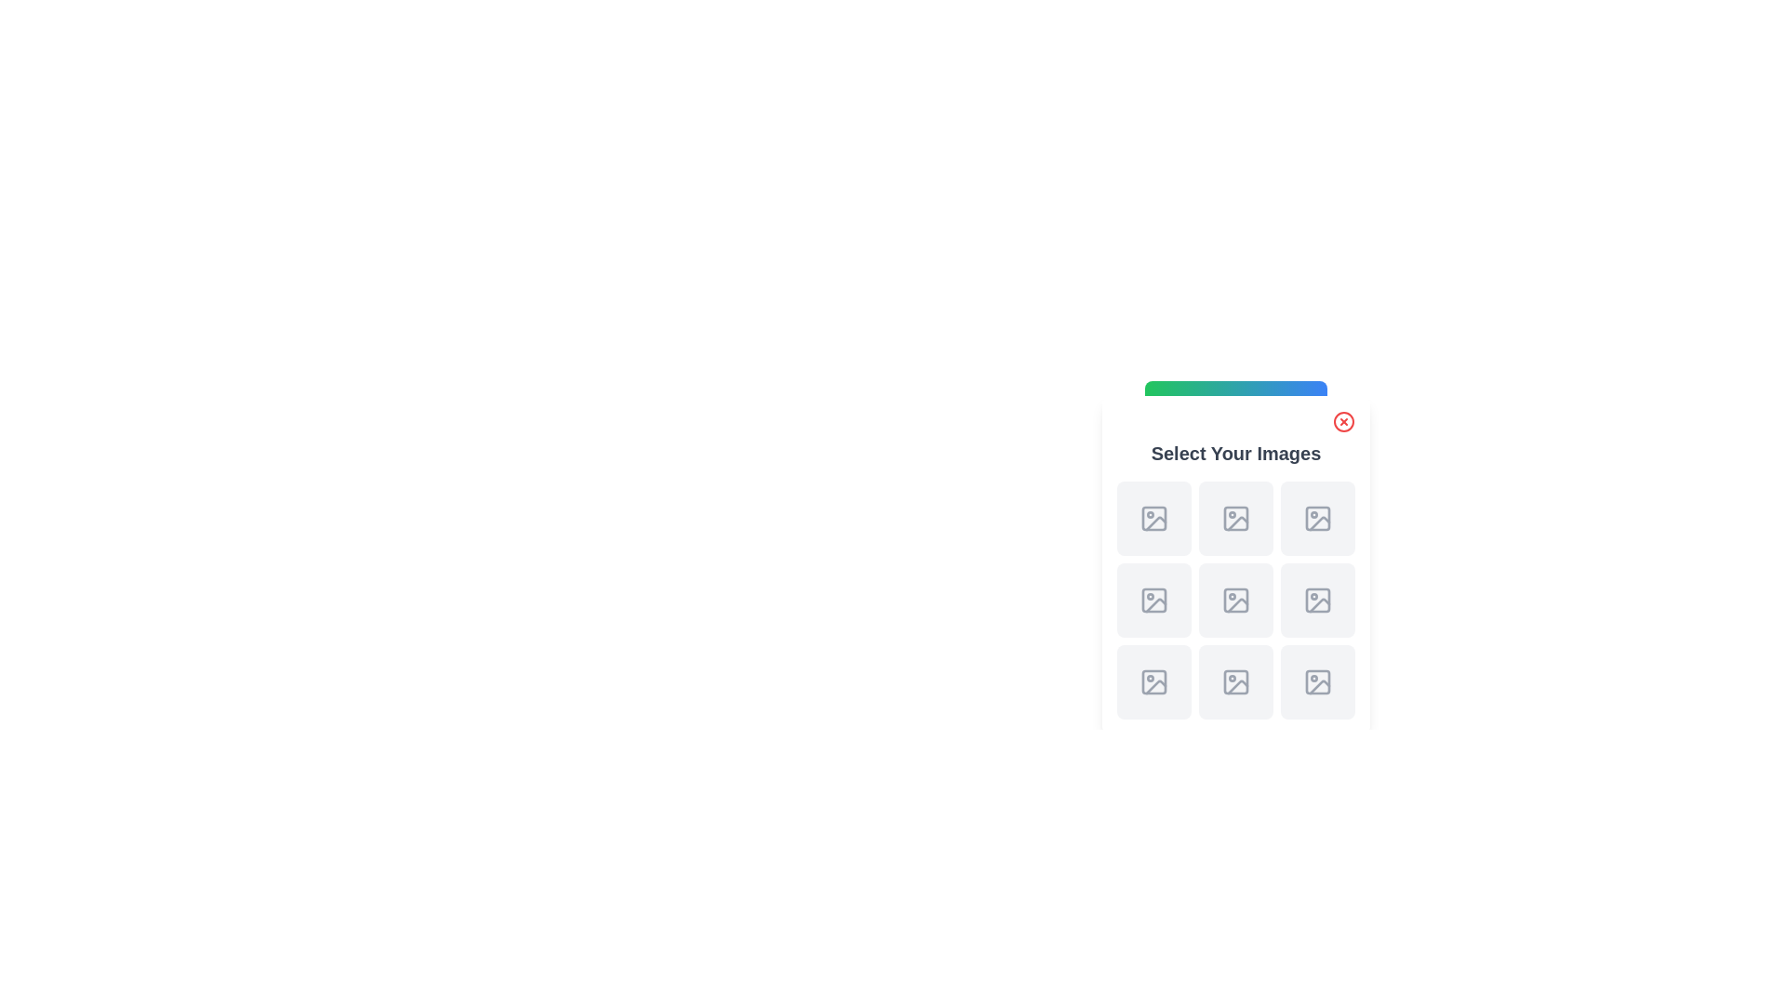  What do you see at coordinates (1153, 681) in the screenshot?
I see `the square button with a gray background and a picture frame icon, located at the bottom-left position of a 3x3 grid layout` at bounding box center [1153, 681].